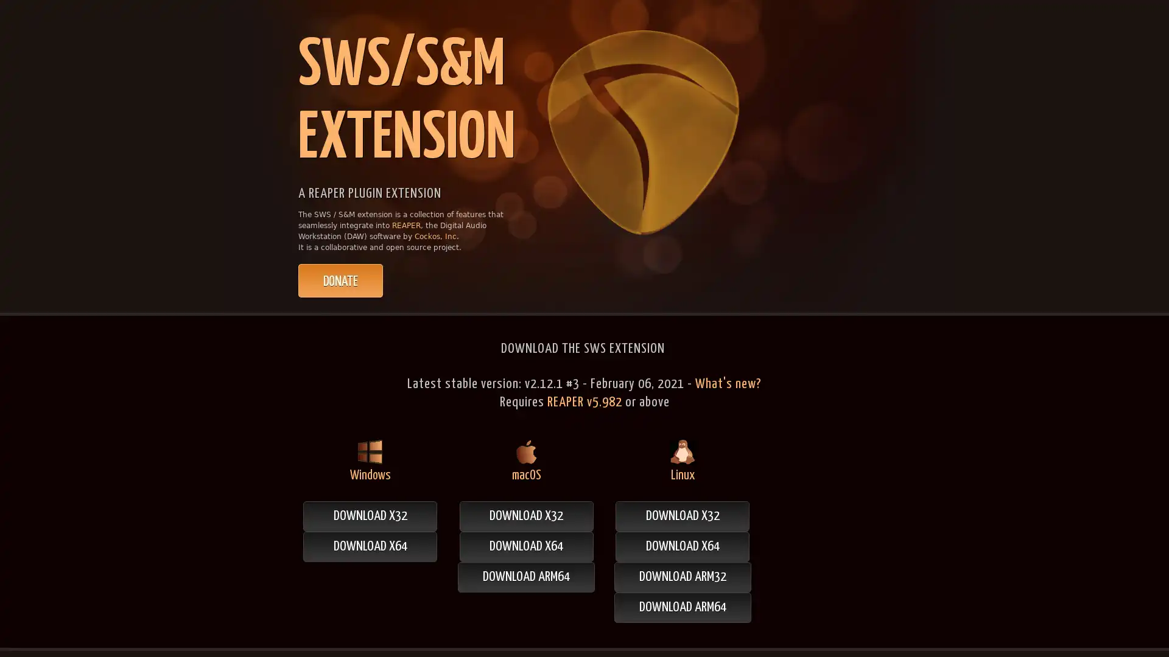  I want to click on DOWNLOAD X32, so click(388, 516).